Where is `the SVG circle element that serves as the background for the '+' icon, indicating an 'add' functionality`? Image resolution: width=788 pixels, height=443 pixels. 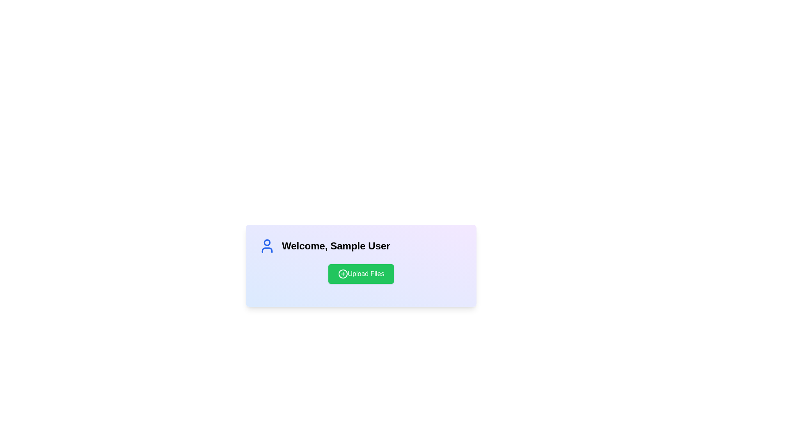 the SVG circle element that serves as the background for the '+' icon, indicating an 'add' functionality is located at coordinates (343, 274).